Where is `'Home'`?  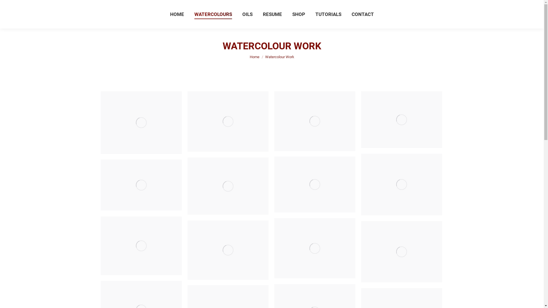 'Home' is located at coordinates (254, 57).